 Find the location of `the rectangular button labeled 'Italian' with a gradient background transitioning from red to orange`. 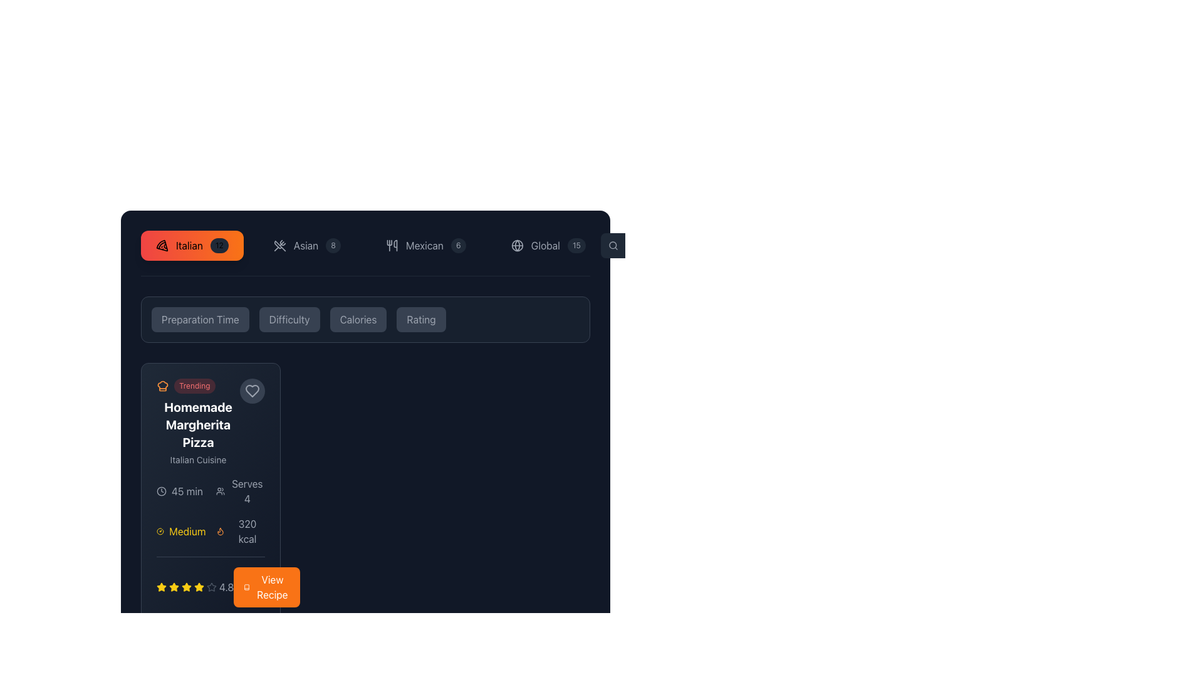

the rectangular button labeled 'Italian' with a gradient background transitioning from red to orange is located at coordinates (191, 246).